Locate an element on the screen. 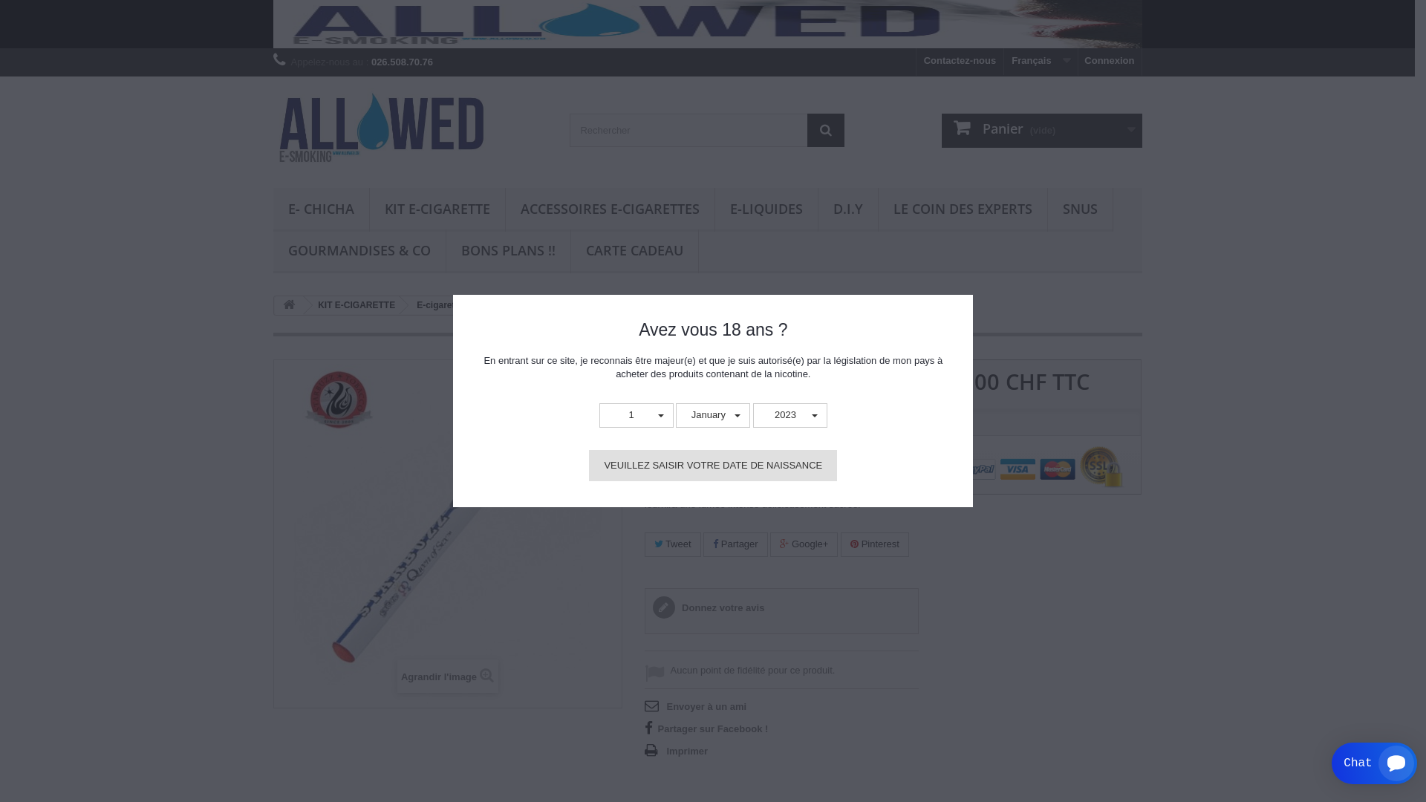 This screenshot has height=802, width=1426. 'CARTE CADEAU' is located at coordinates (634, 250).